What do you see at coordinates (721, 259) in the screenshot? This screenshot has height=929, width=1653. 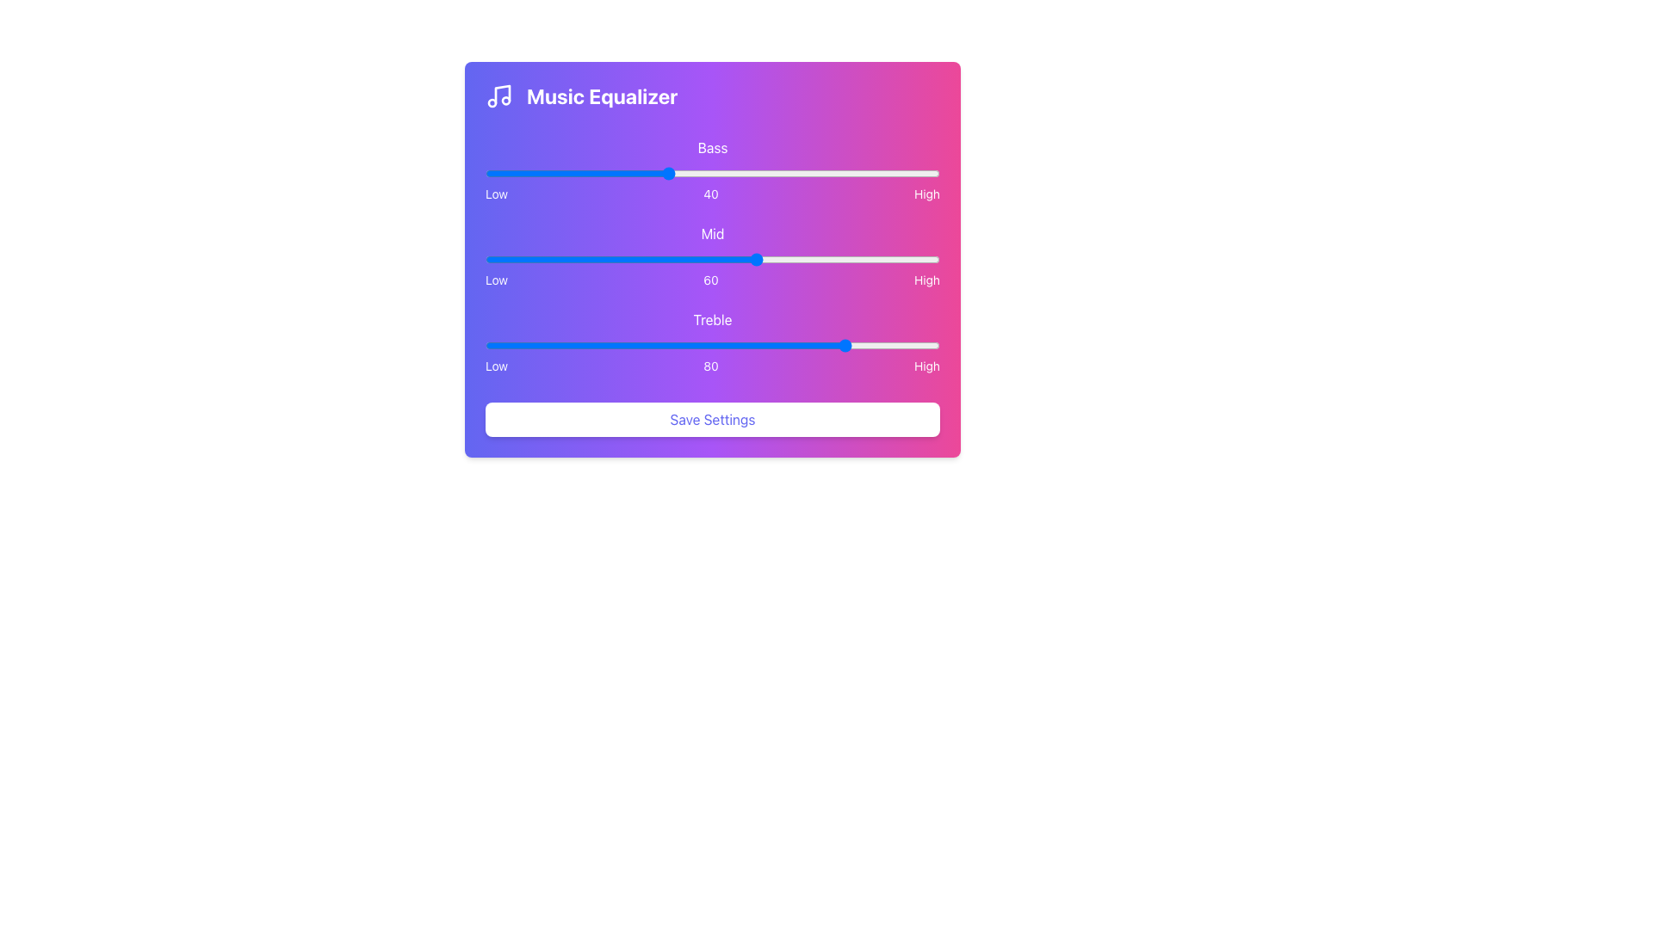 I see `the 'Mid' slider` at bounding box center [721, 259].